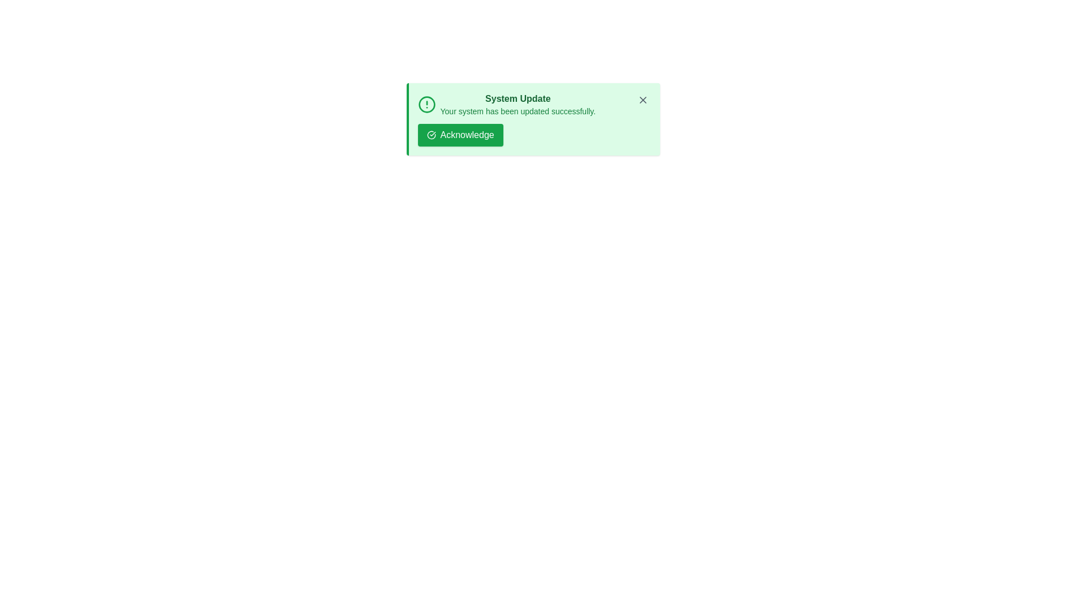 This screenshot has width=1086, height=611. I want to click on the 'Acknowledge' button to acknowledge the notification, so click(460, 135).